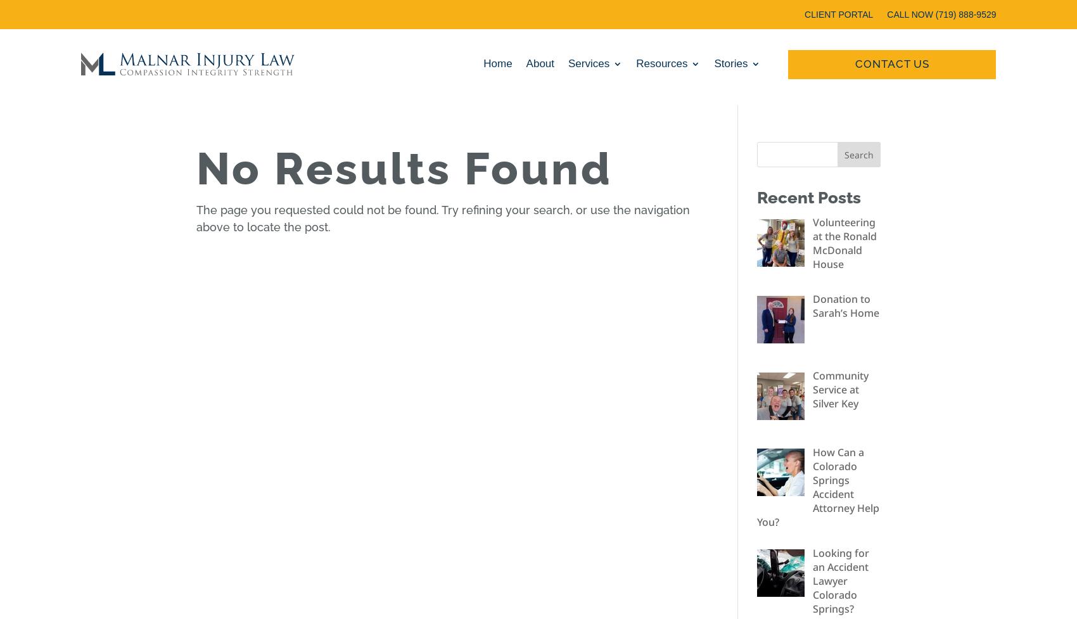  What do you see at coordinates (697, 160) in the screenshot?
I see `'Medical Providers'` at bounding box center [697, 160].